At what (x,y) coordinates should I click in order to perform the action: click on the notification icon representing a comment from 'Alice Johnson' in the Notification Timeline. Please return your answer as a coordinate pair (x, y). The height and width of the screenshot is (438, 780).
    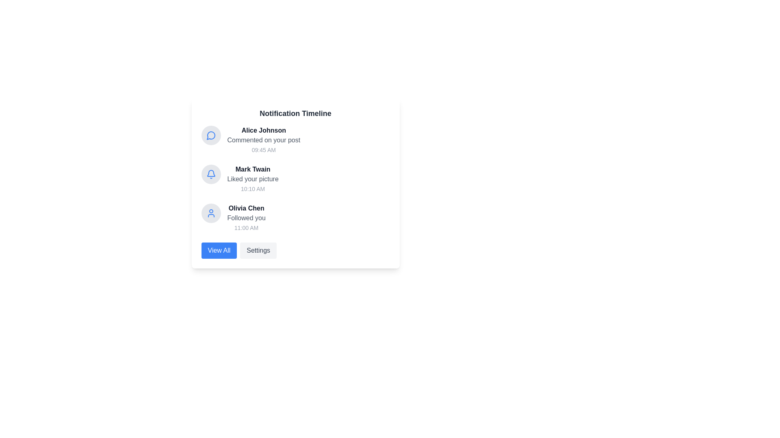
    Looking at the image, I should click on (211, 135).